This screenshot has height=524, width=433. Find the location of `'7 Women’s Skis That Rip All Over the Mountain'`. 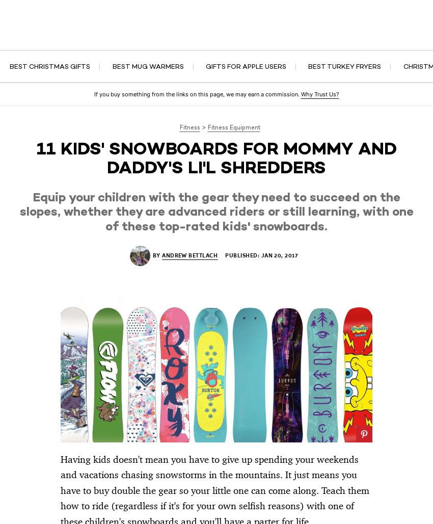

'7 Women’s Skis That Rip All Over the Mountain' is located at coordinates (20, 455).